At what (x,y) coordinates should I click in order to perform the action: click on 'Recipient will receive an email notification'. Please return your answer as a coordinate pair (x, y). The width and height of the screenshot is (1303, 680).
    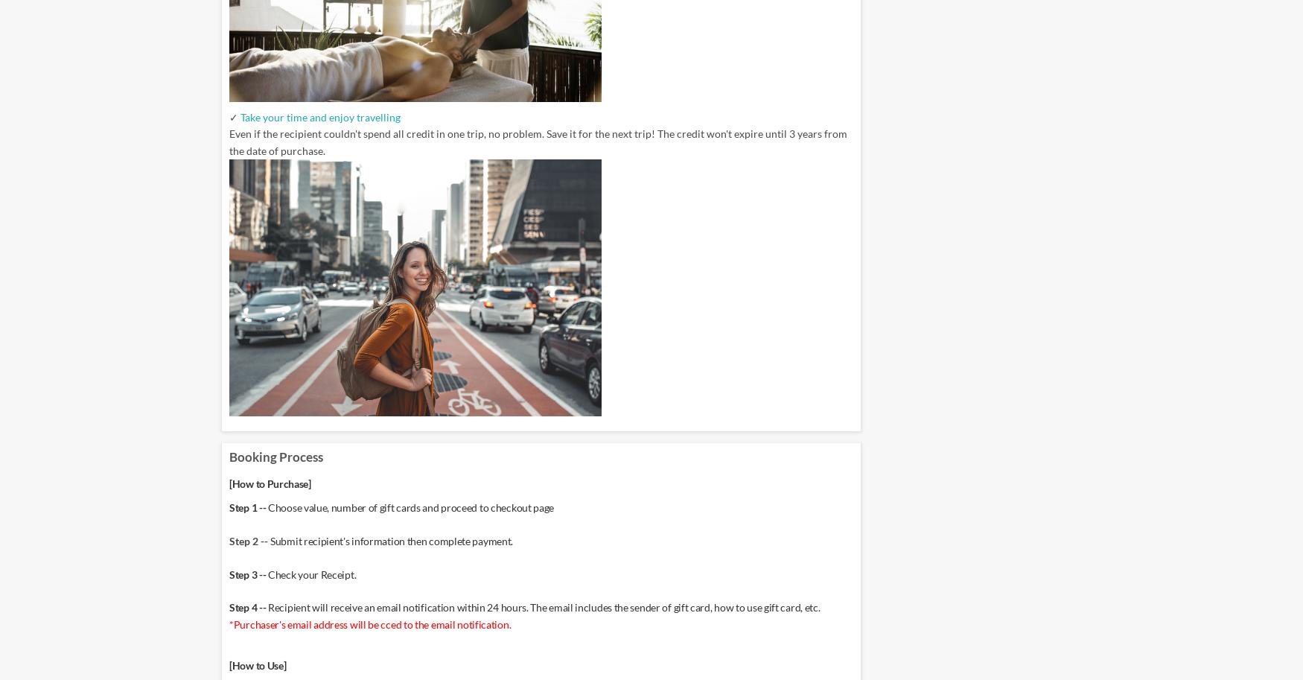
    Looking at the image, I should click on (362, 606).